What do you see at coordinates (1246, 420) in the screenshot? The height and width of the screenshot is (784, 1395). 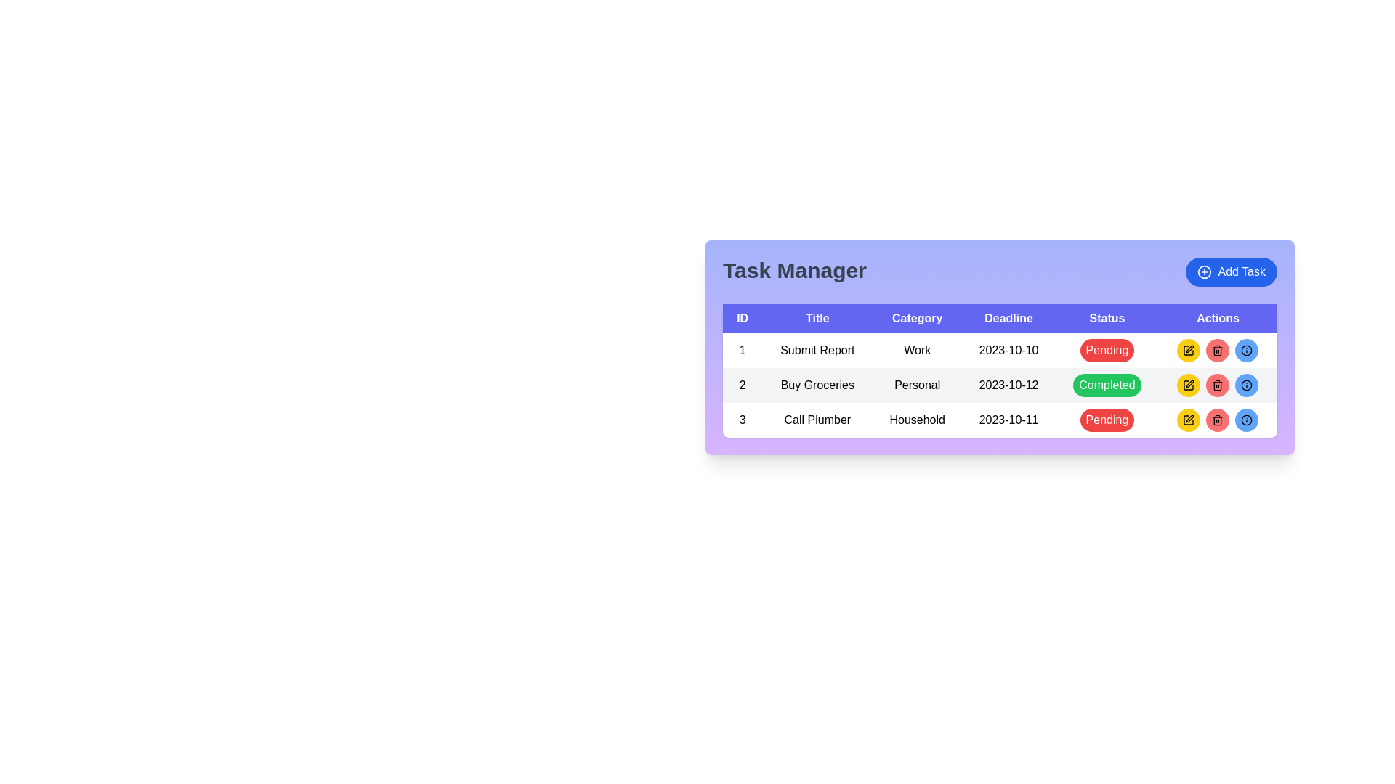 I see `the information icon button located in the 'Actions' column of the third row in the task list` at bounding box center [1246, 420].